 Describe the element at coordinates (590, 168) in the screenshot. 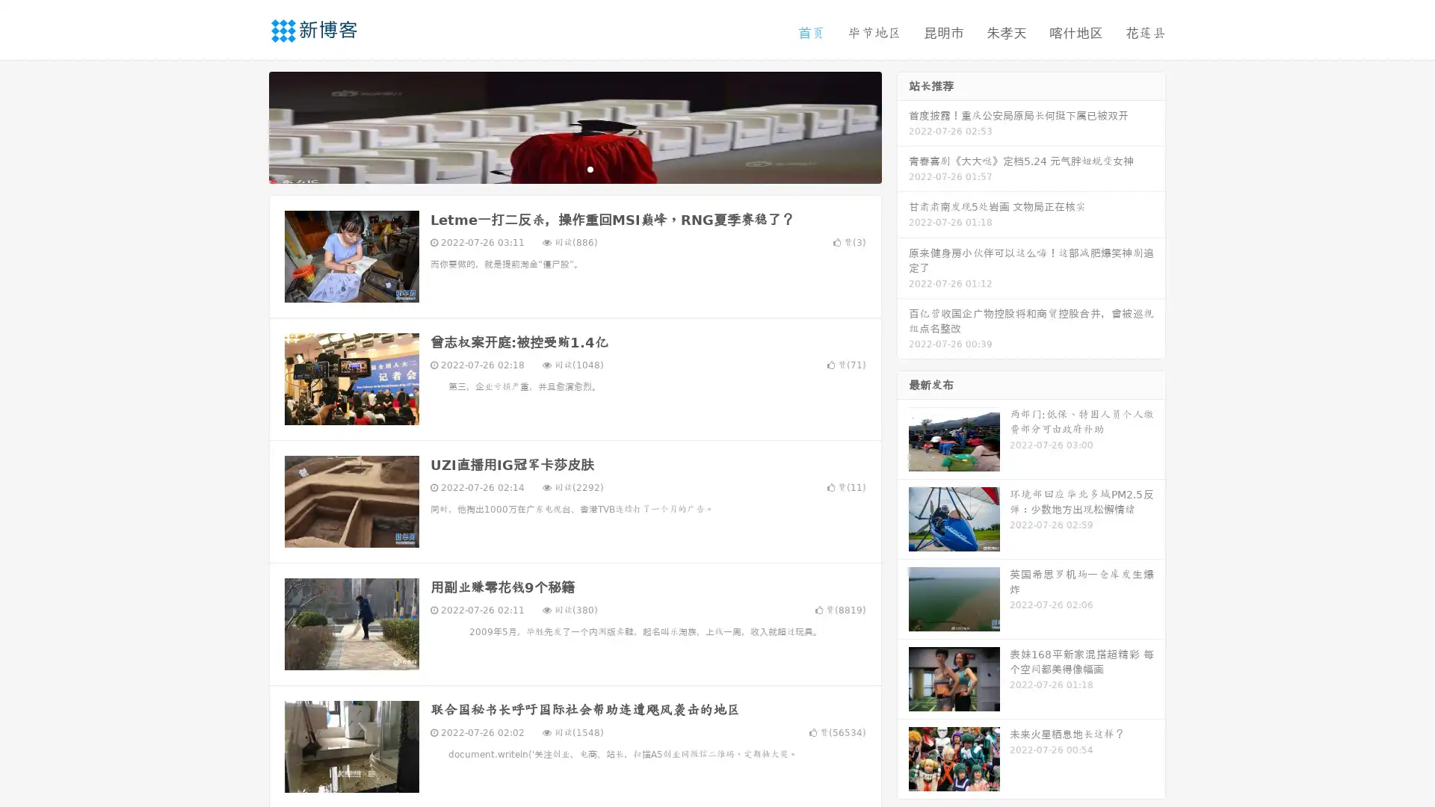

I see `Go to slide 3` at that location.